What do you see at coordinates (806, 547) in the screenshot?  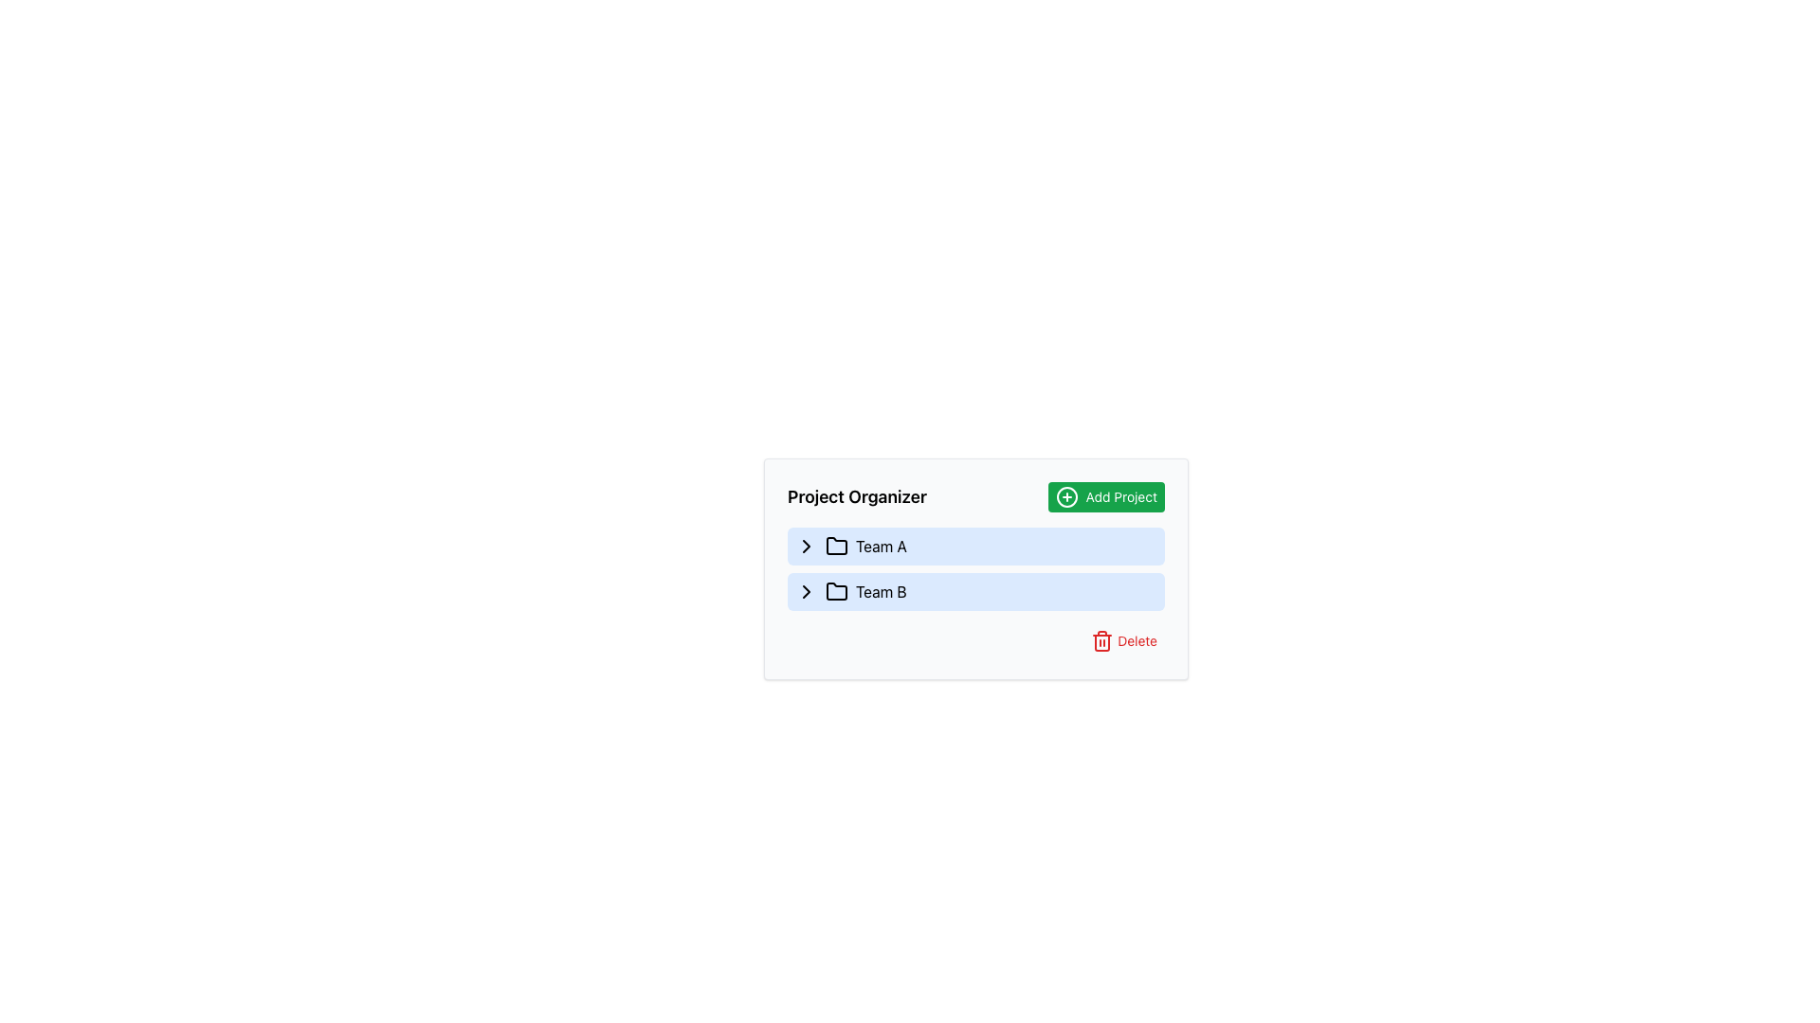 I see `the small rightward-chevron icon located in the 'Team A' row of the 'Project Organizer' section` at bounding box center [806, 547].